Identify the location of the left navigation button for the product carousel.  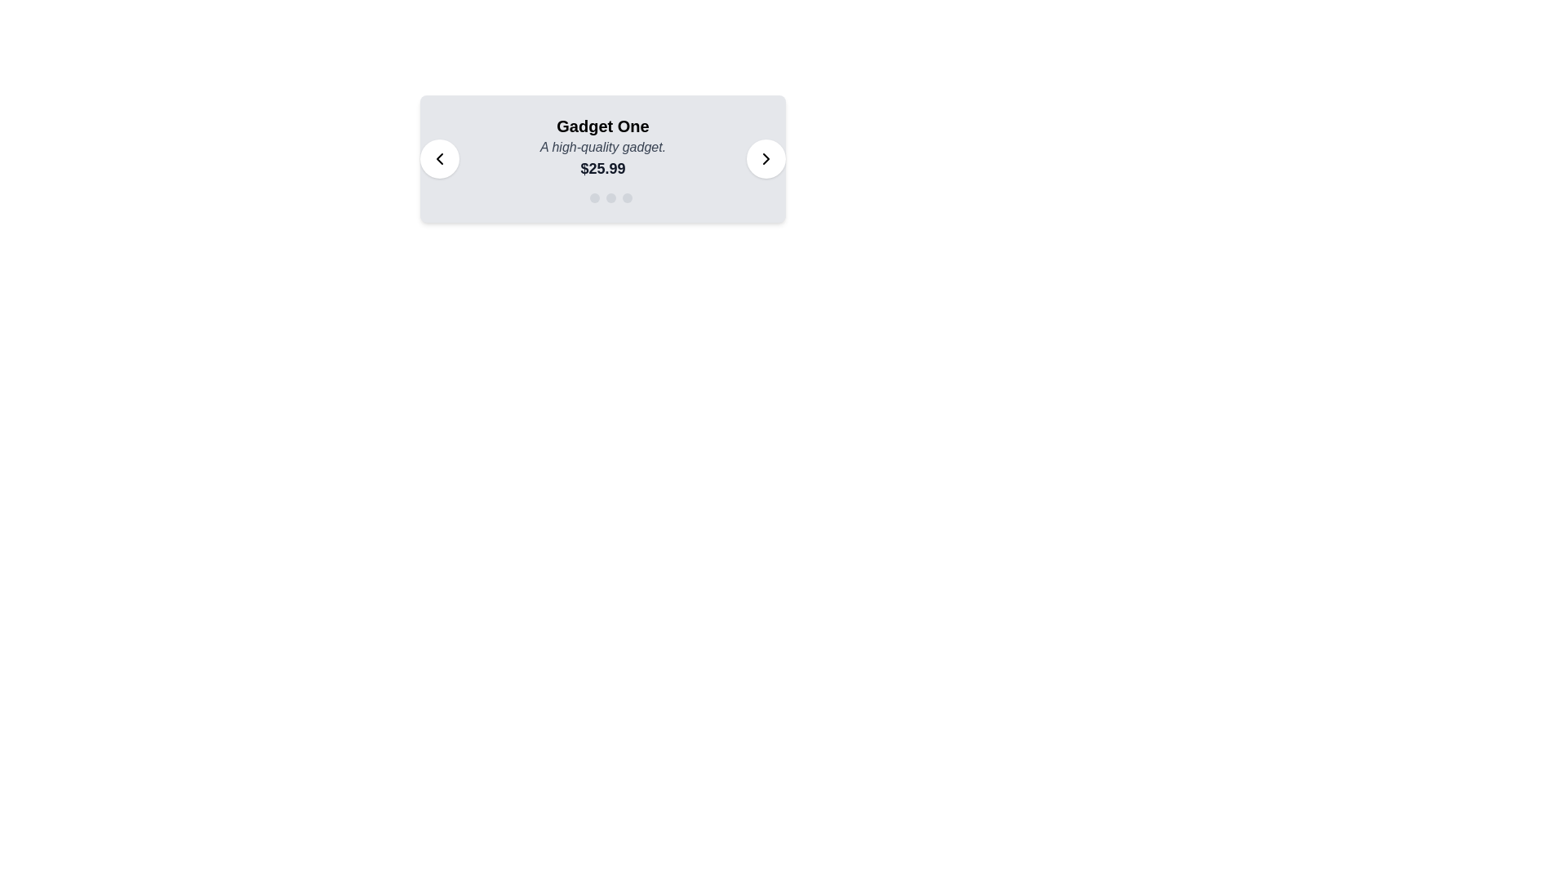
(439, 159).